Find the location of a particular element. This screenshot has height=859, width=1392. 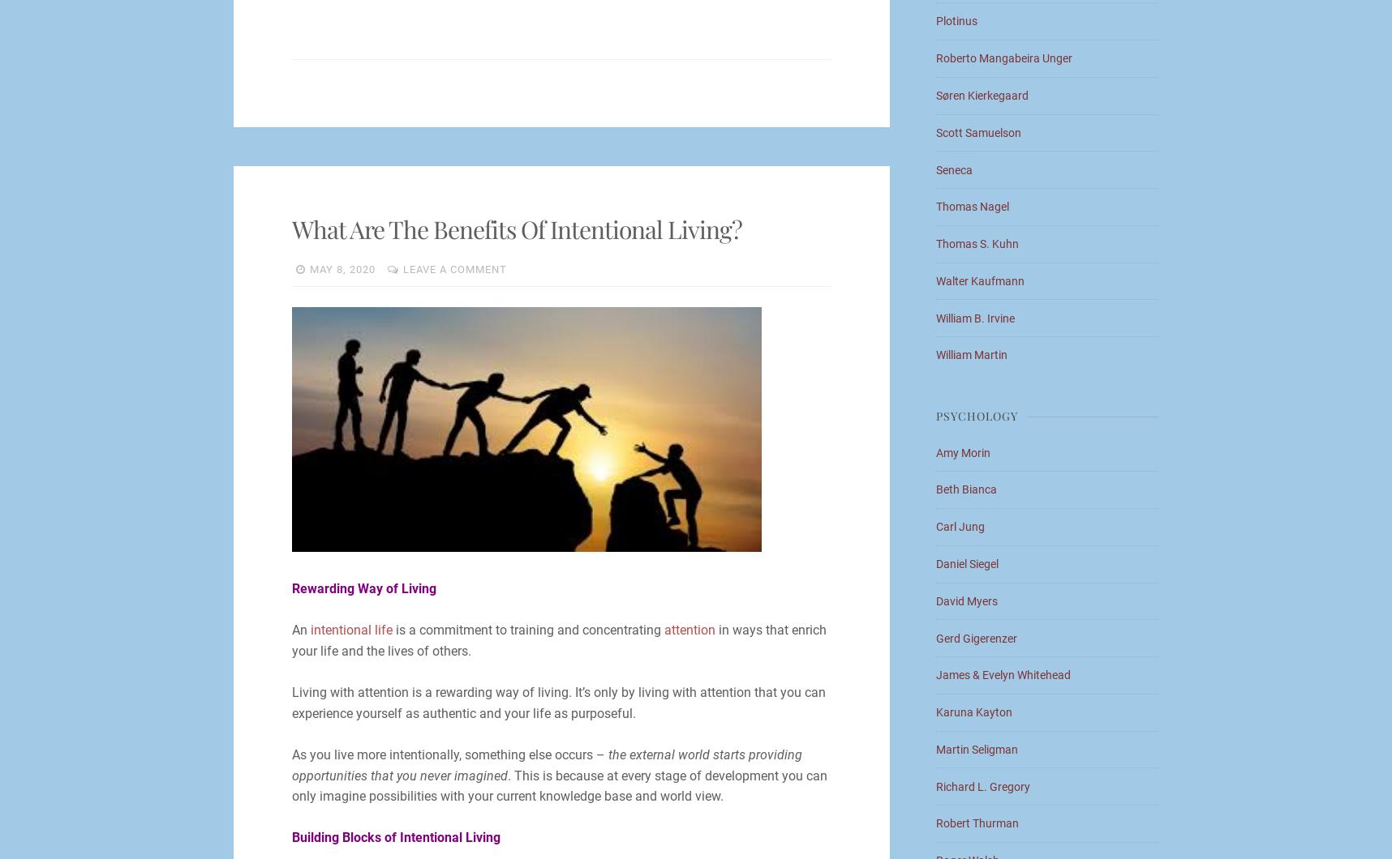

'Karuna Kayton' is located at coordinates (974, 712).